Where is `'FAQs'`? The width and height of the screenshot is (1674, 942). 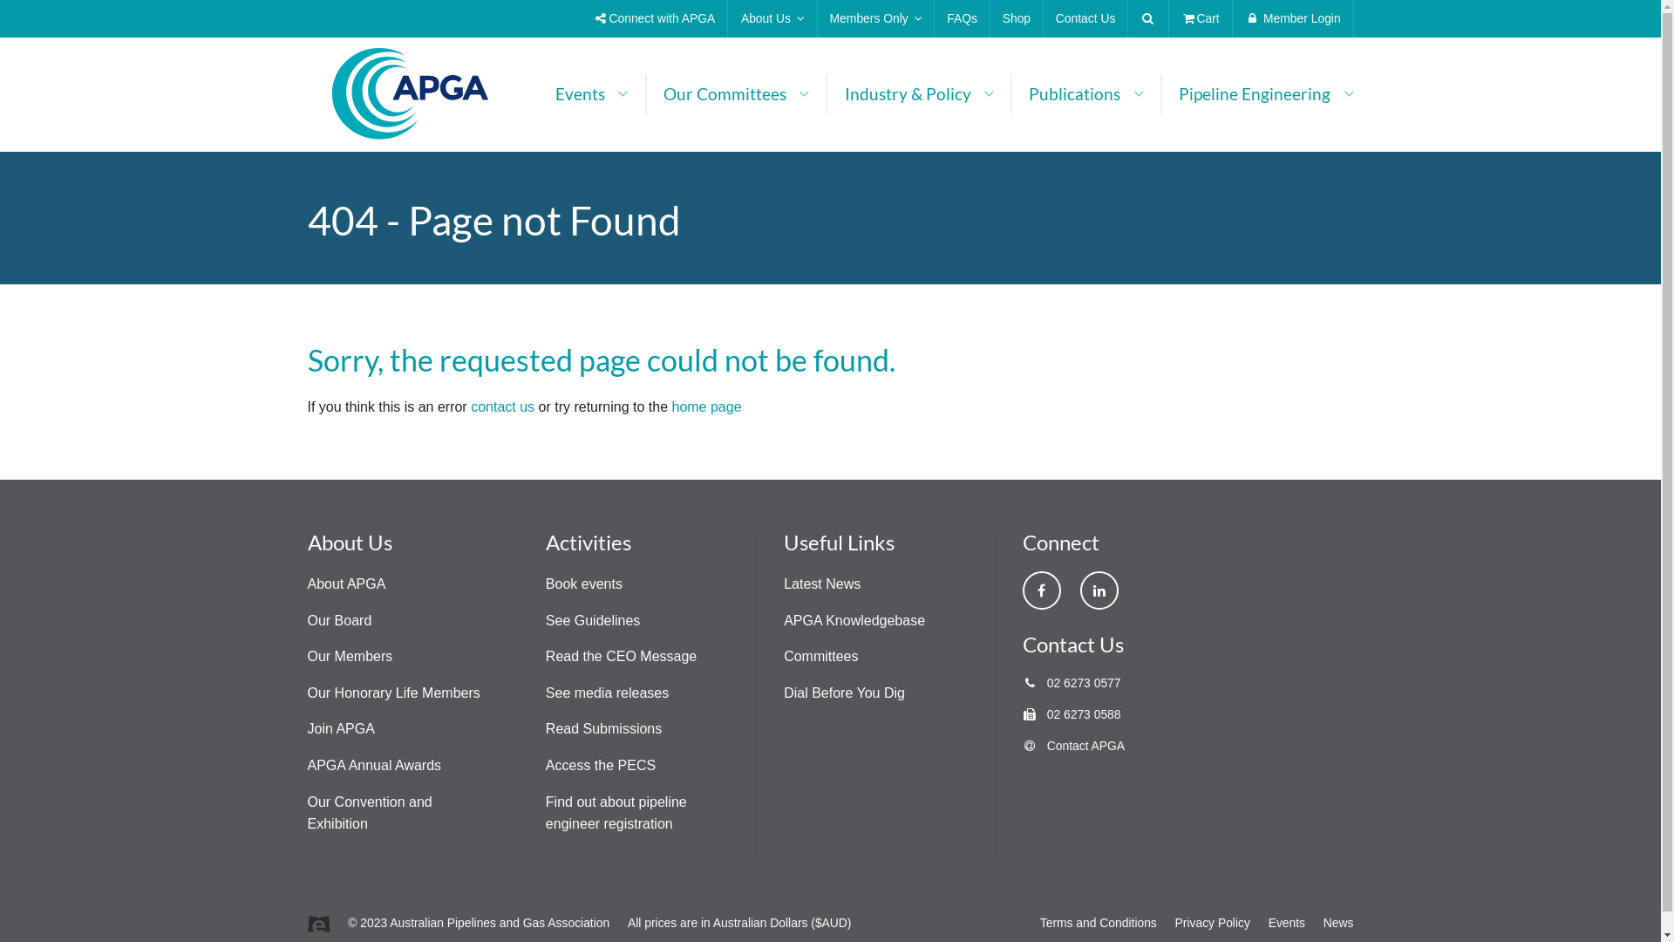 'FAQs' is located at coordinates (961, 18).